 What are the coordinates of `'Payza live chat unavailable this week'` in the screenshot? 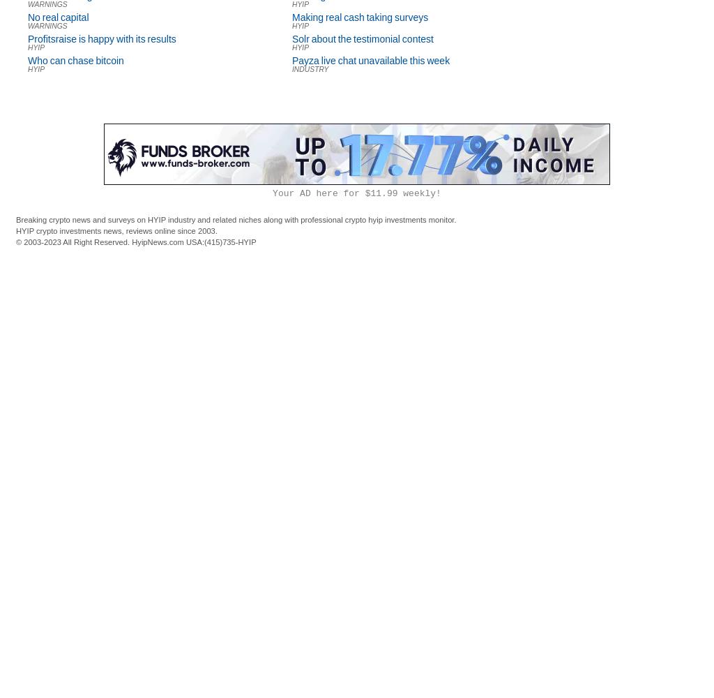 It's located at (370, 60).